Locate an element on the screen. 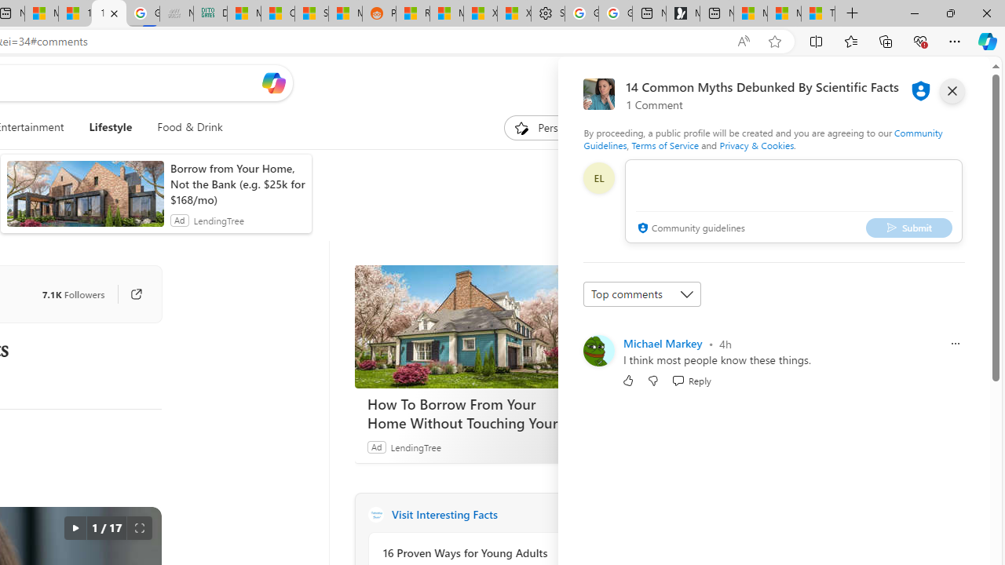  'comment-box' is located at coordinates (794, 200).